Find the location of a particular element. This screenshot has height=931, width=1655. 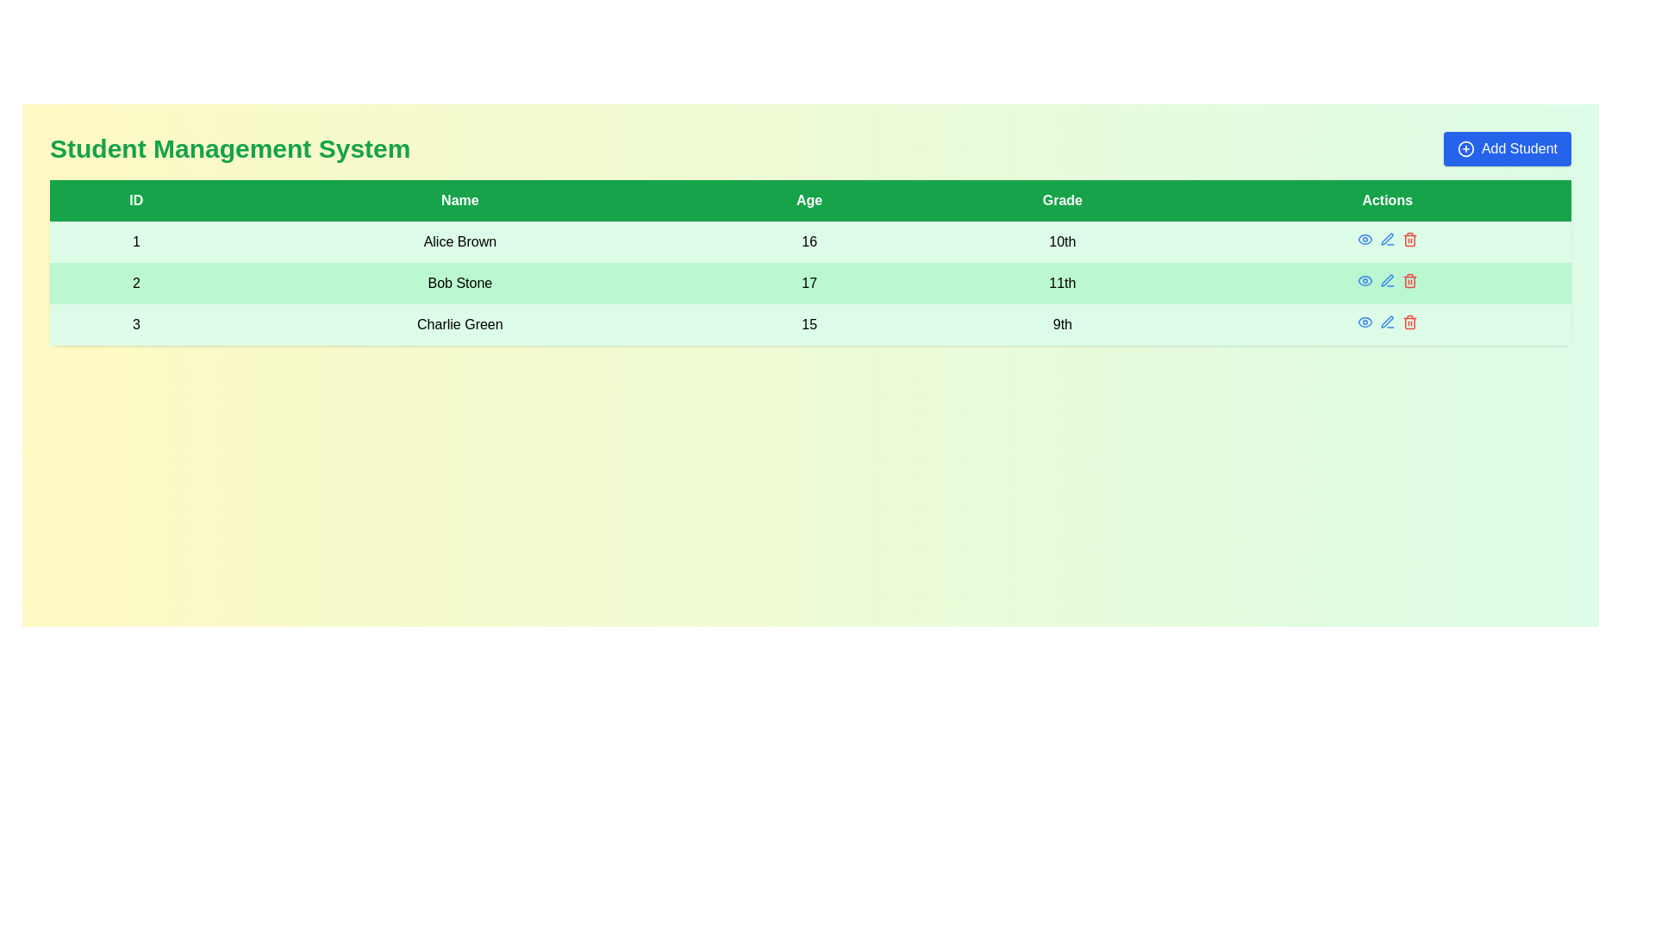

the red trash can icon button, which is the third icon under the 'Actions' column is located at coordinates (1409, 280).